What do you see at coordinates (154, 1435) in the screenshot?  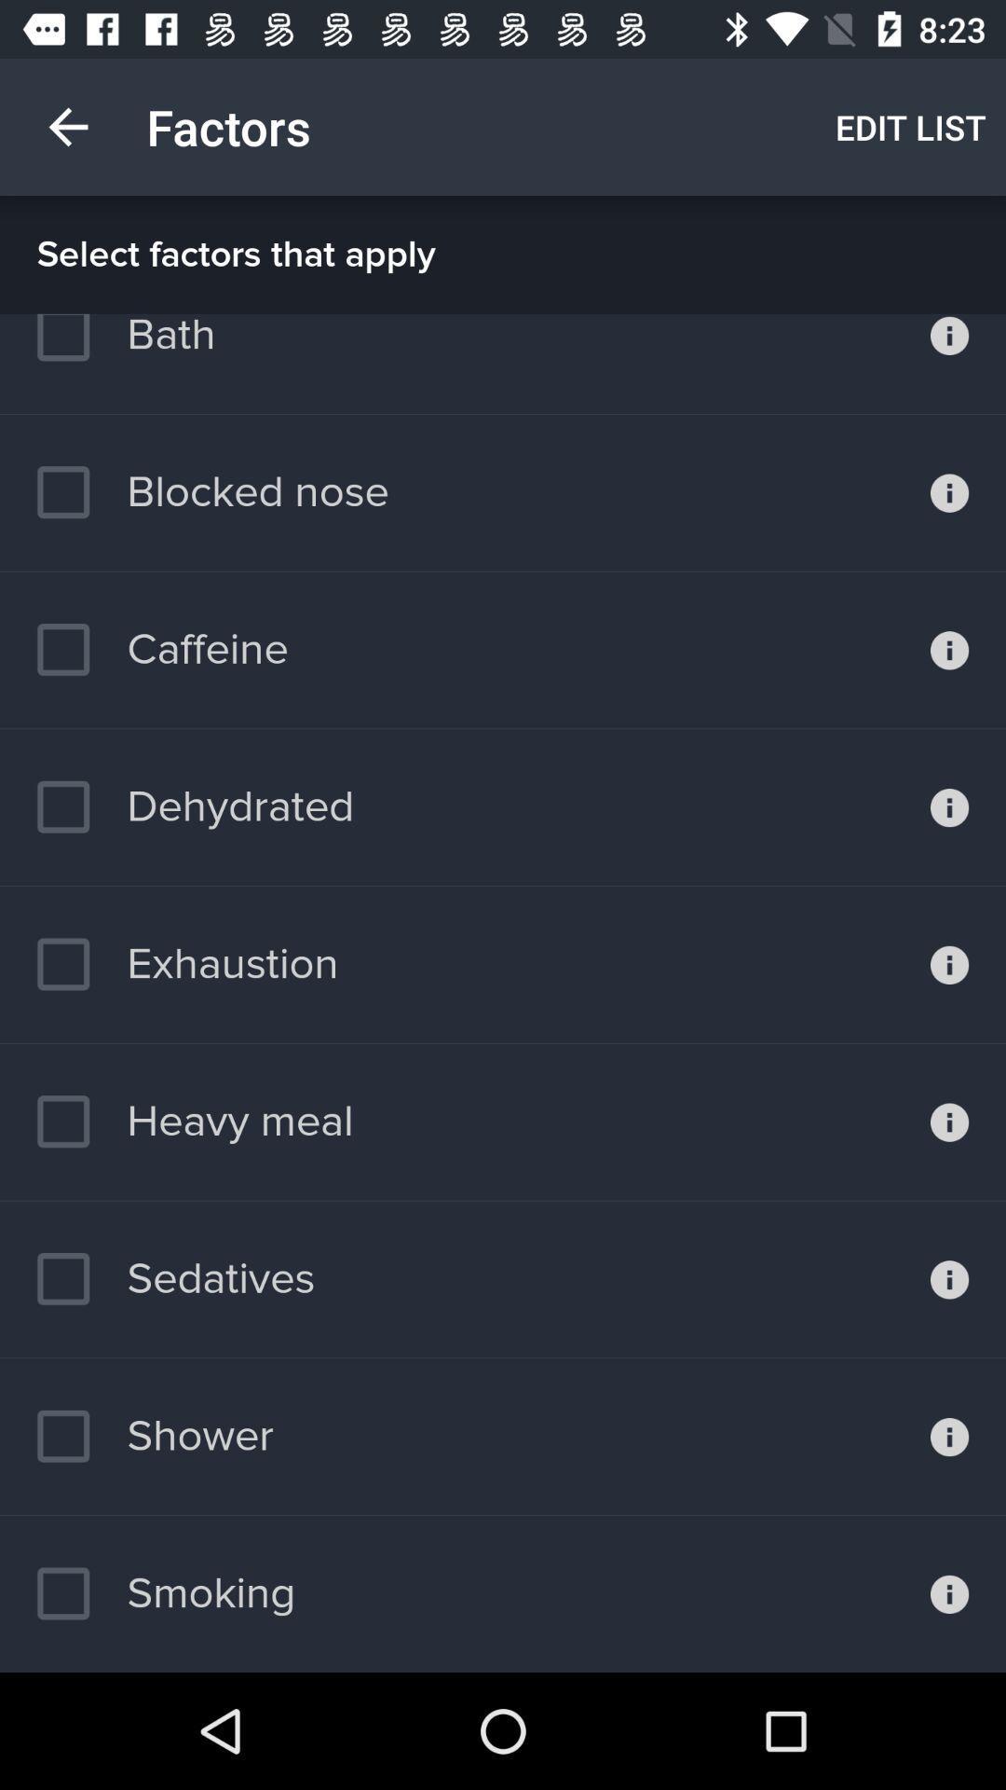 I see `the shower` at bounding box center [154, 1435].